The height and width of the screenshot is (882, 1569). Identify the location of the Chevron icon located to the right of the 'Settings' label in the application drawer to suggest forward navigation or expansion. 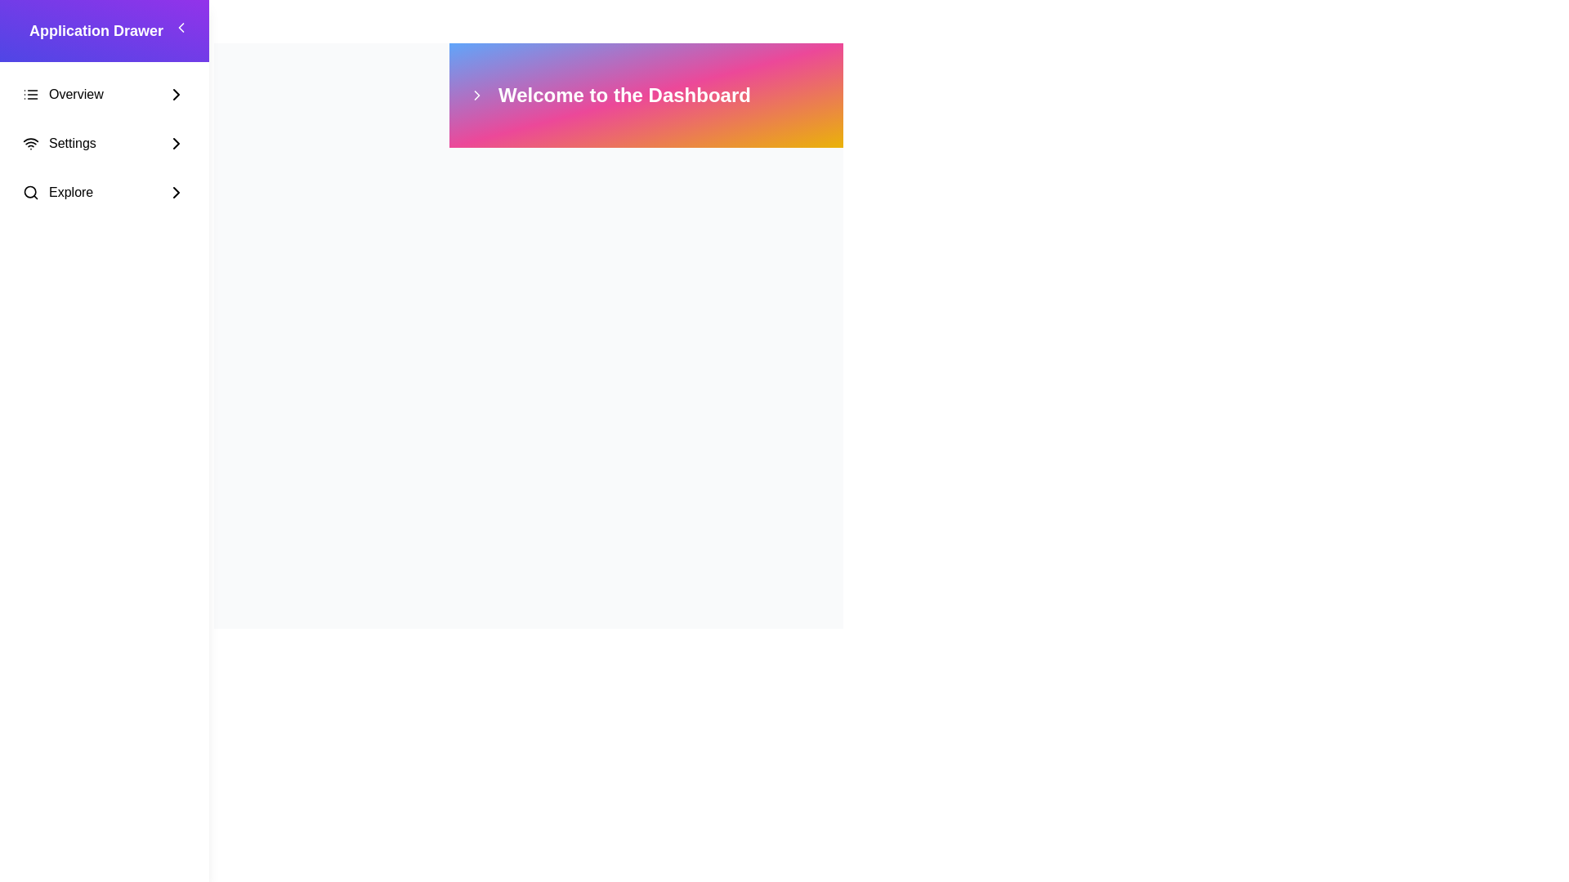
(177, 143).